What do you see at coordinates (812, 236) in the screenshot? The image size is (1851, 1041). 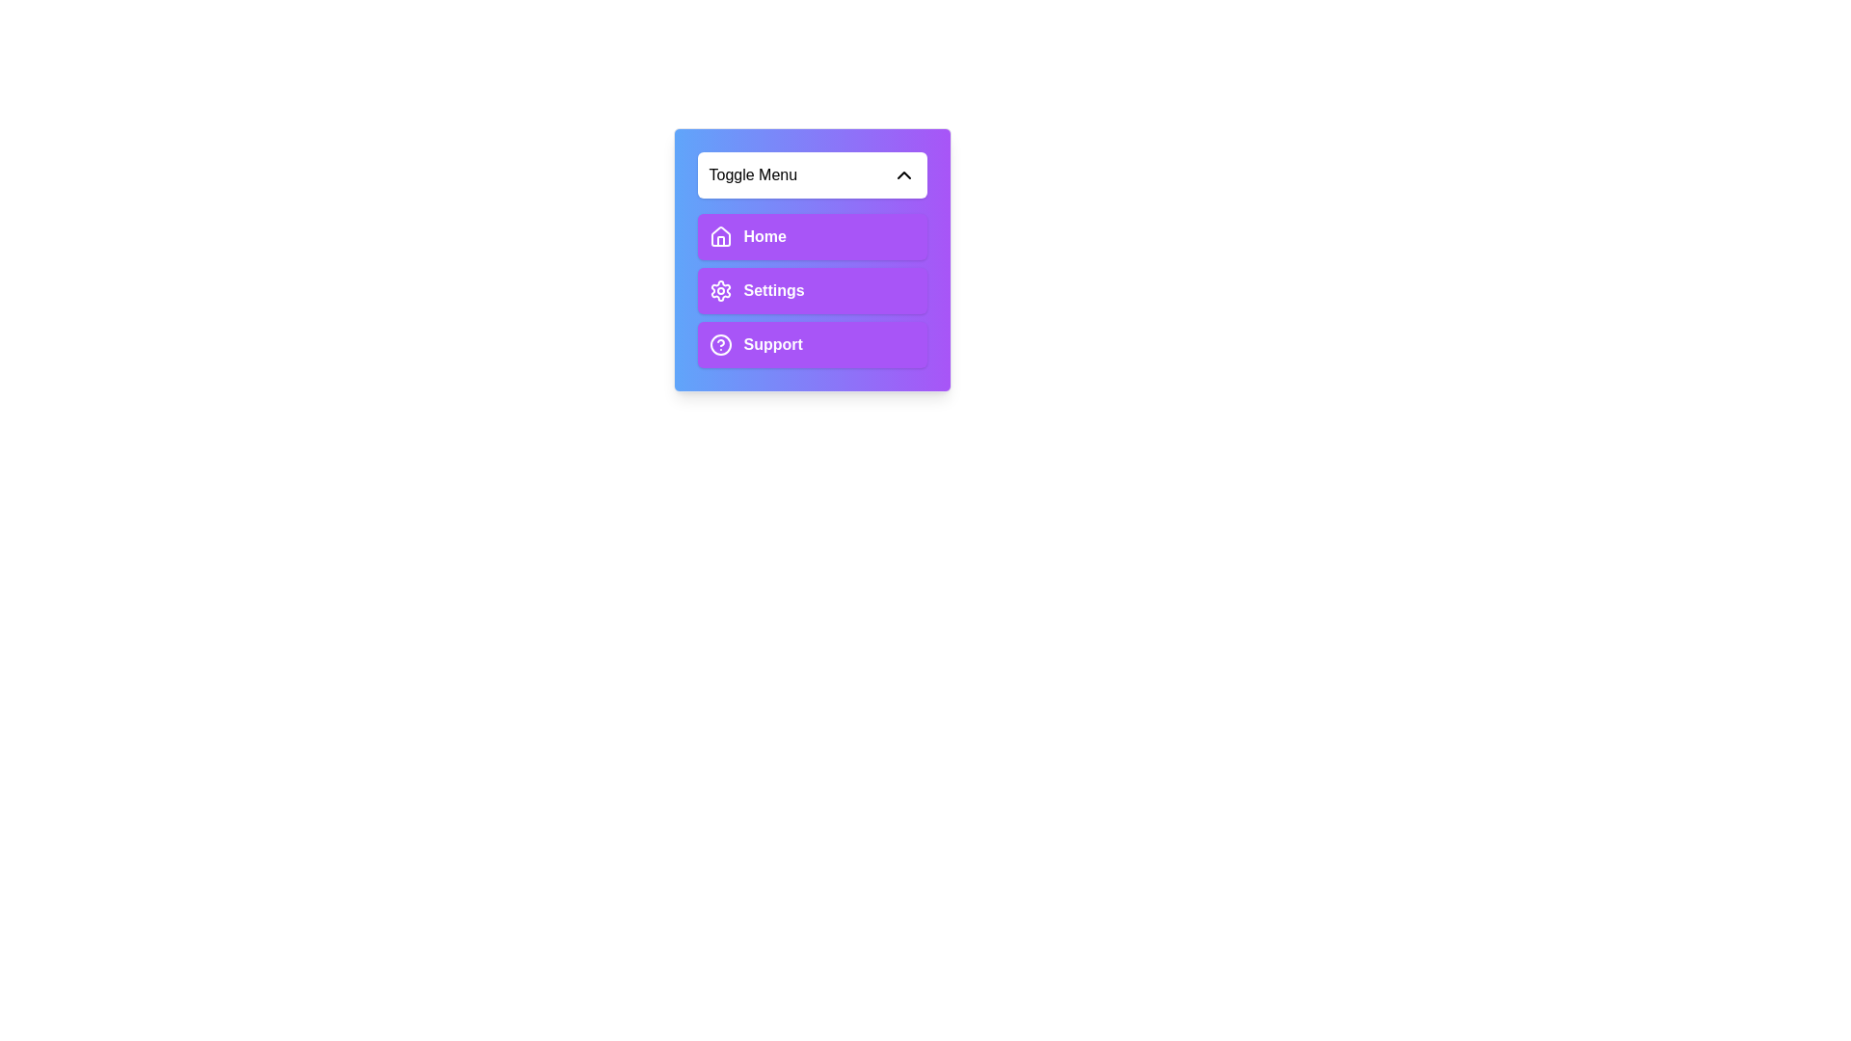 I see `the 'Home' navigation button located at the top of a vertical stack within a dropdown menu` at bounding box center [812, 236].